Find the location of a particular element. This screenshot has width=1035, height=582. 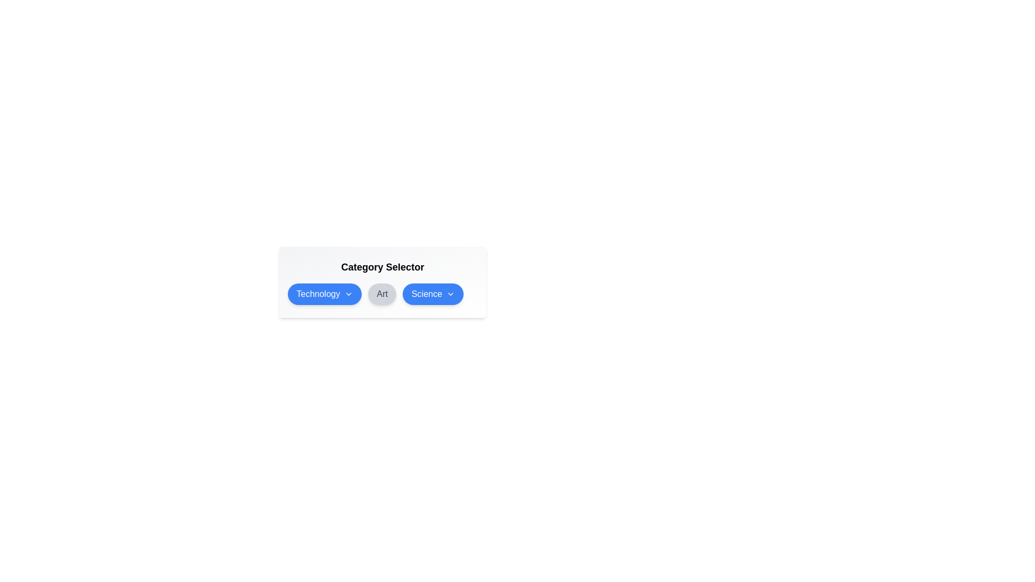

the 'Art' category to toggle its selection status is located at coordinates (382, 294).